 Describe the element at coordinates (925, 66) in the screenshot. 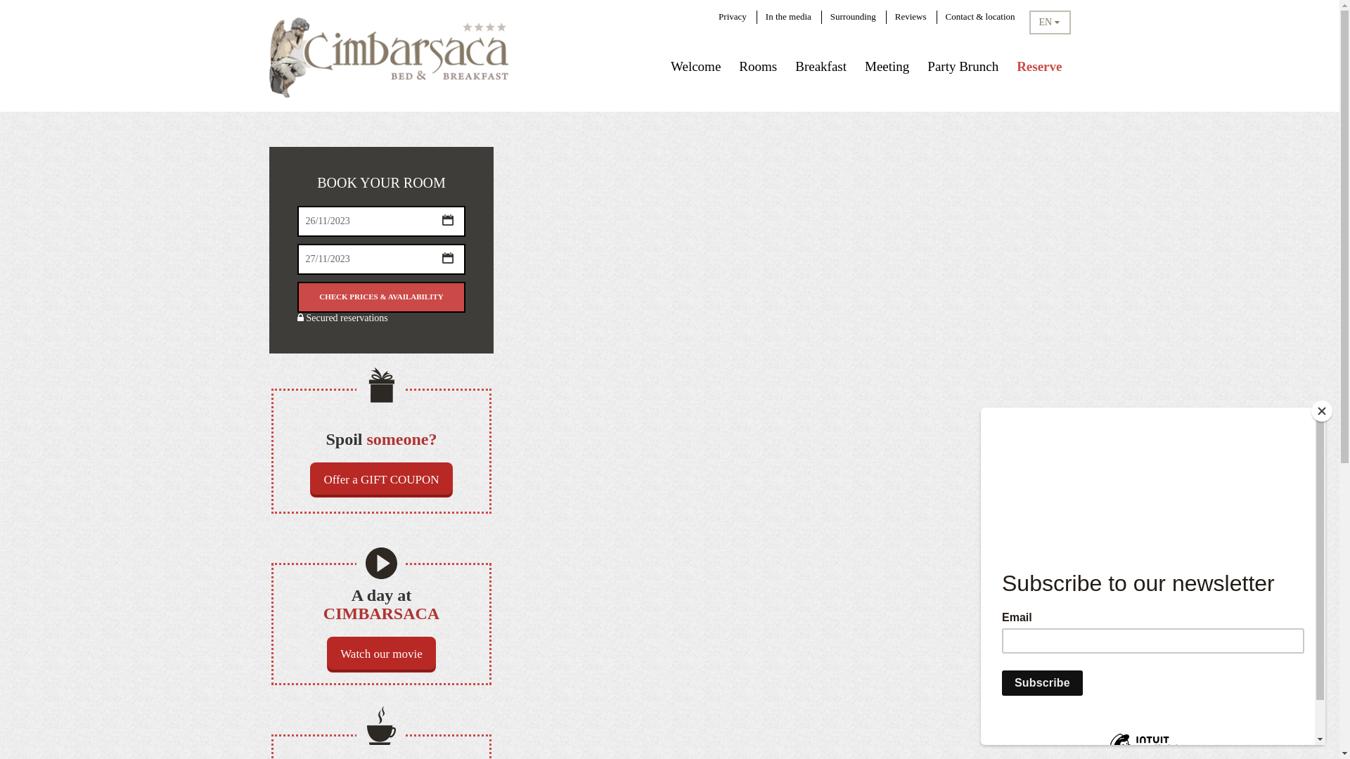

I see `'Party Brunch'` at that location.